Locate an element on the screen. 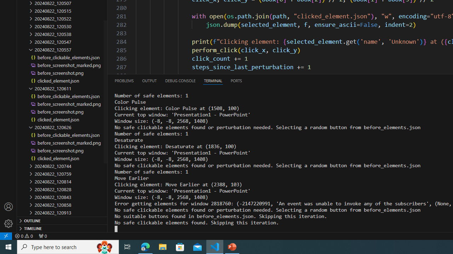 The width and height of the screenshot is (453, 254). 'Output (Ctrl+Shift+U)' is located at coordinates (149, 80).